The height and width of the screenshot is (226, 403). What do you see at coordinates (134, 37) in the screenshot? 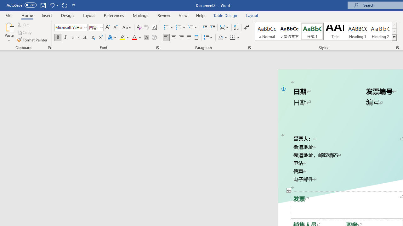
I see `'Font Color RGB(255, 0, 0)'` at bounding box center [134, 37].